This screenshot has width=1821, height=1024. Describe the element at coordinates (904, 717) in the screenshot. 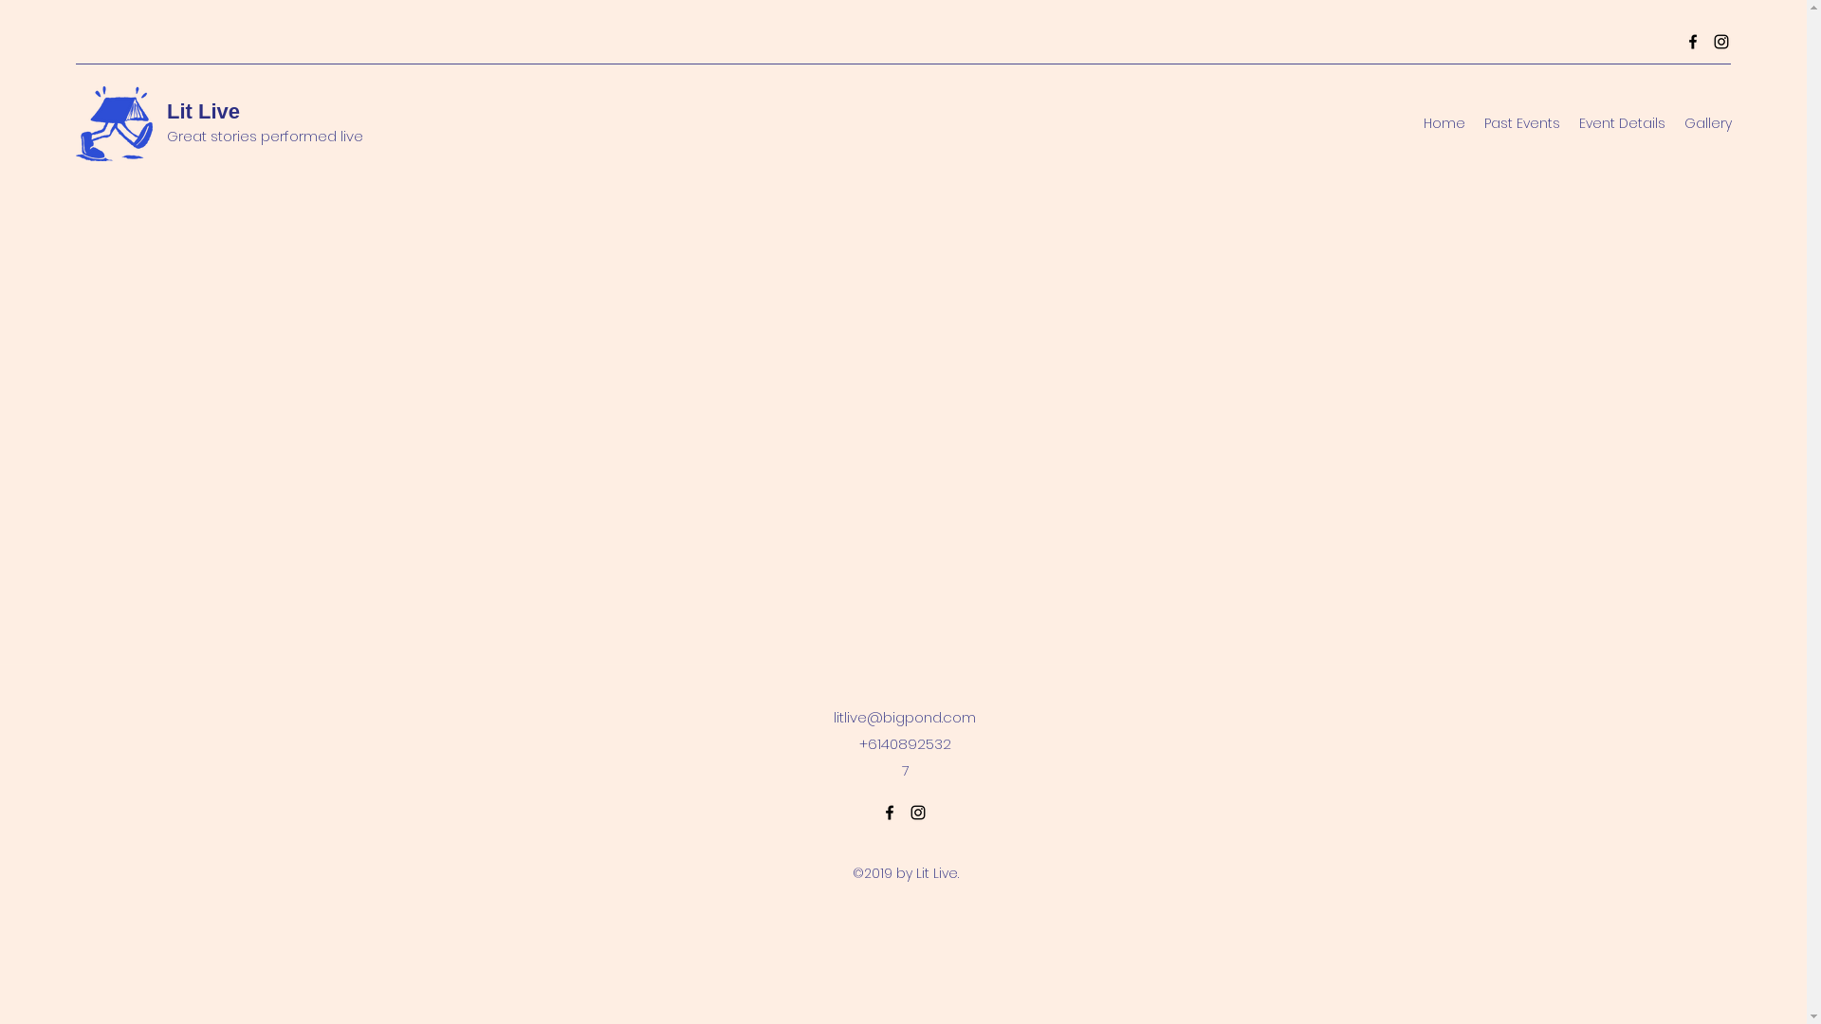

I see `'litlive@bigpond.com'` at that location.